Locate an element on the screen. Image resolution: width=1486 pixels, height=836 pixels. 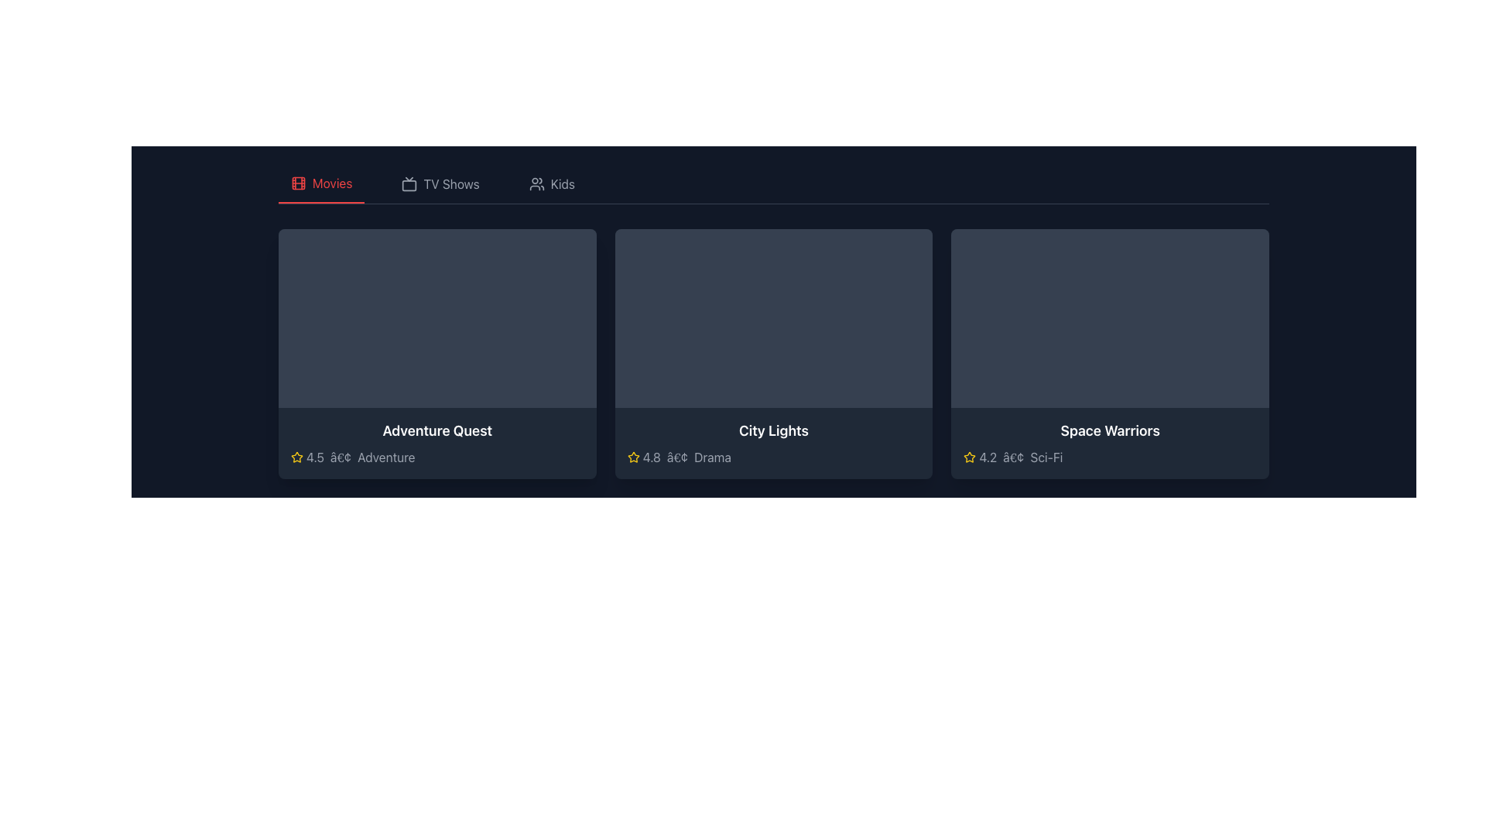
the genre is located at coordinates (1046, 456).